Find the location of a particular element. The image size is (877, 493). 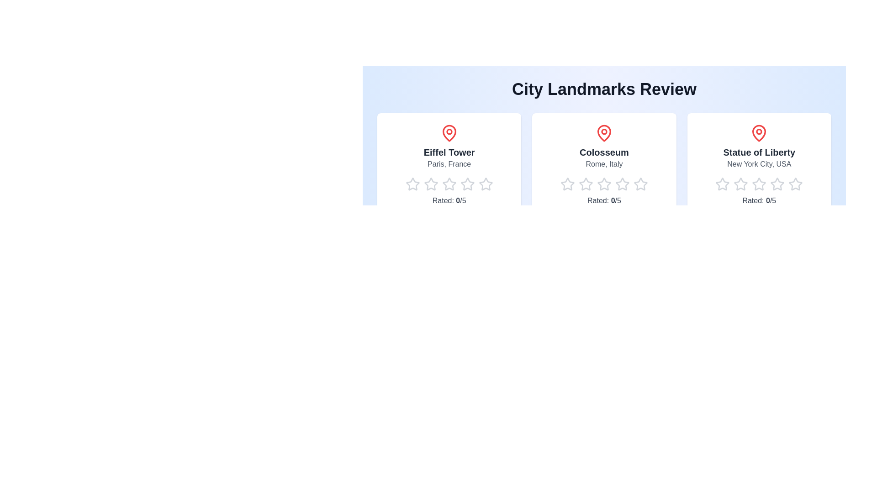

the star corresponding to 2 for the landmark Eiffel Tower is located at coordinates (423, 184).